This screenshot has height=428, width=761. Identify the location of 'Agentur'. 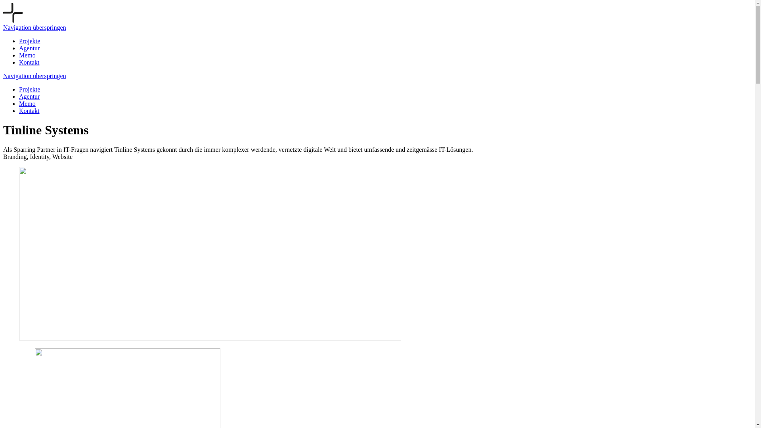
(29, 96).